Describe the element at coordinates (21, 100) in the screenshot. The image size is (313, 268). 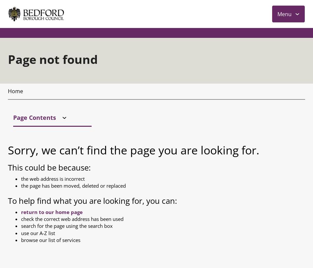
I see `'browse our list of services'` at that location.